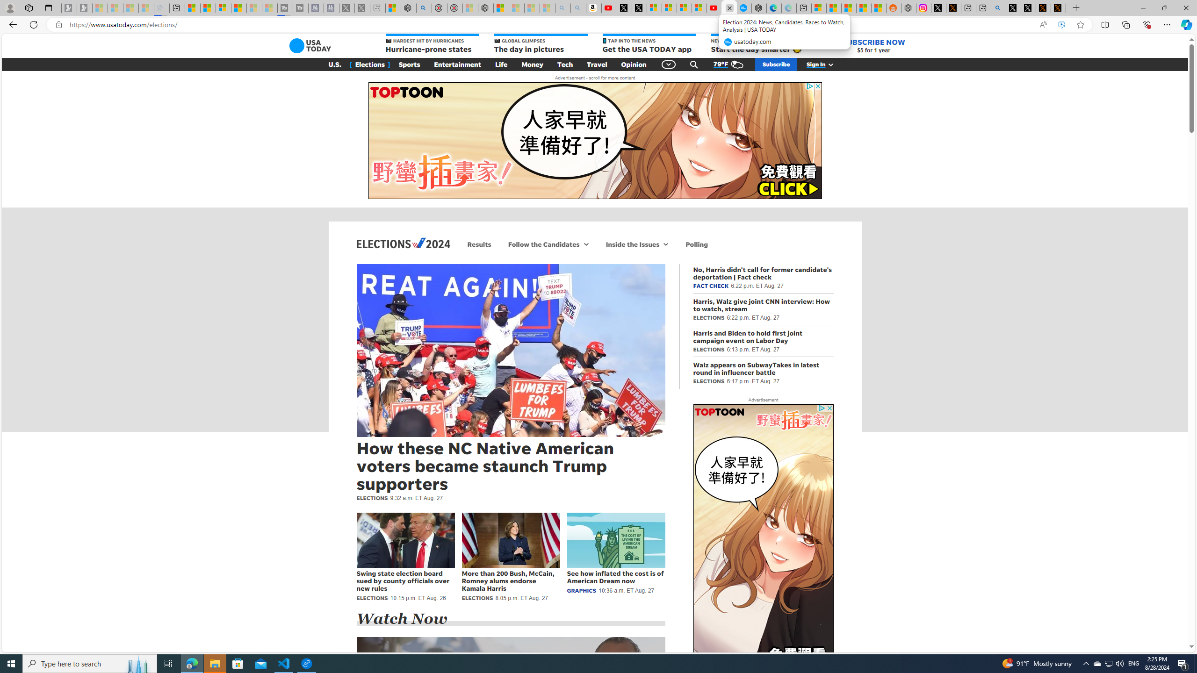 Image resolution: width=1197 pixels, height=673 pixels. What do you see at coordinates (310, 45) in the screenshot?
I see `'USA TODAY'` at bounding box center [310, 45].